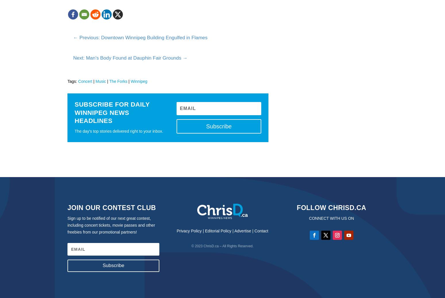 The width and height of the screenshot is (445, 298). I want to click on 'Advertise', so click(234, 230).